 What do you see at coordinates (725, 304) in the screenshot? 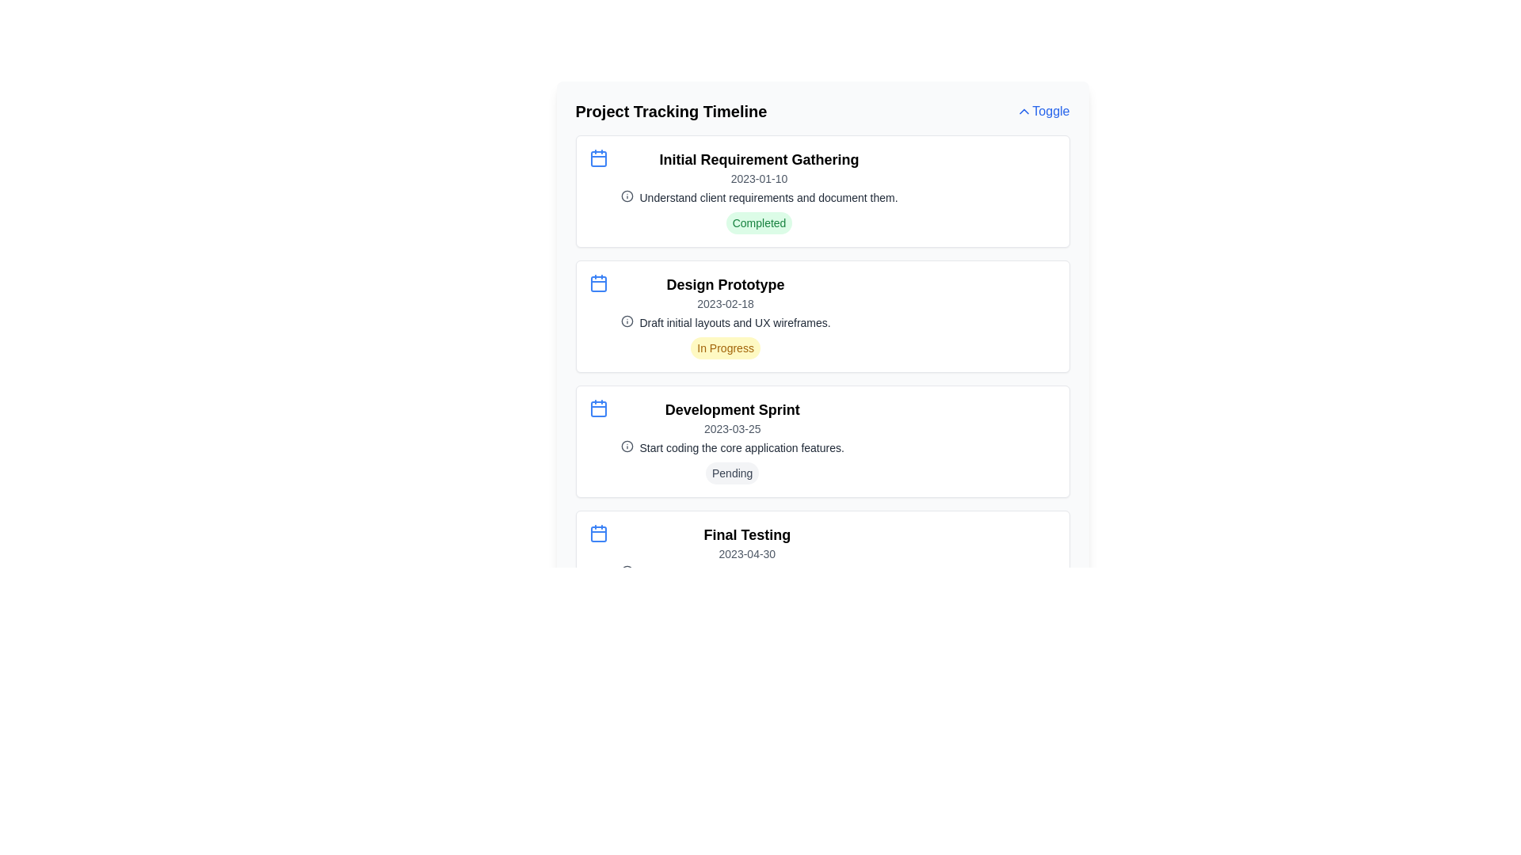
I see `the small gray text displaying the date '2023-02-18', which is positioned below the title 'Design Prototype' and above the description text in the 'Design Prototype' section` at bounding box center [725, 304].